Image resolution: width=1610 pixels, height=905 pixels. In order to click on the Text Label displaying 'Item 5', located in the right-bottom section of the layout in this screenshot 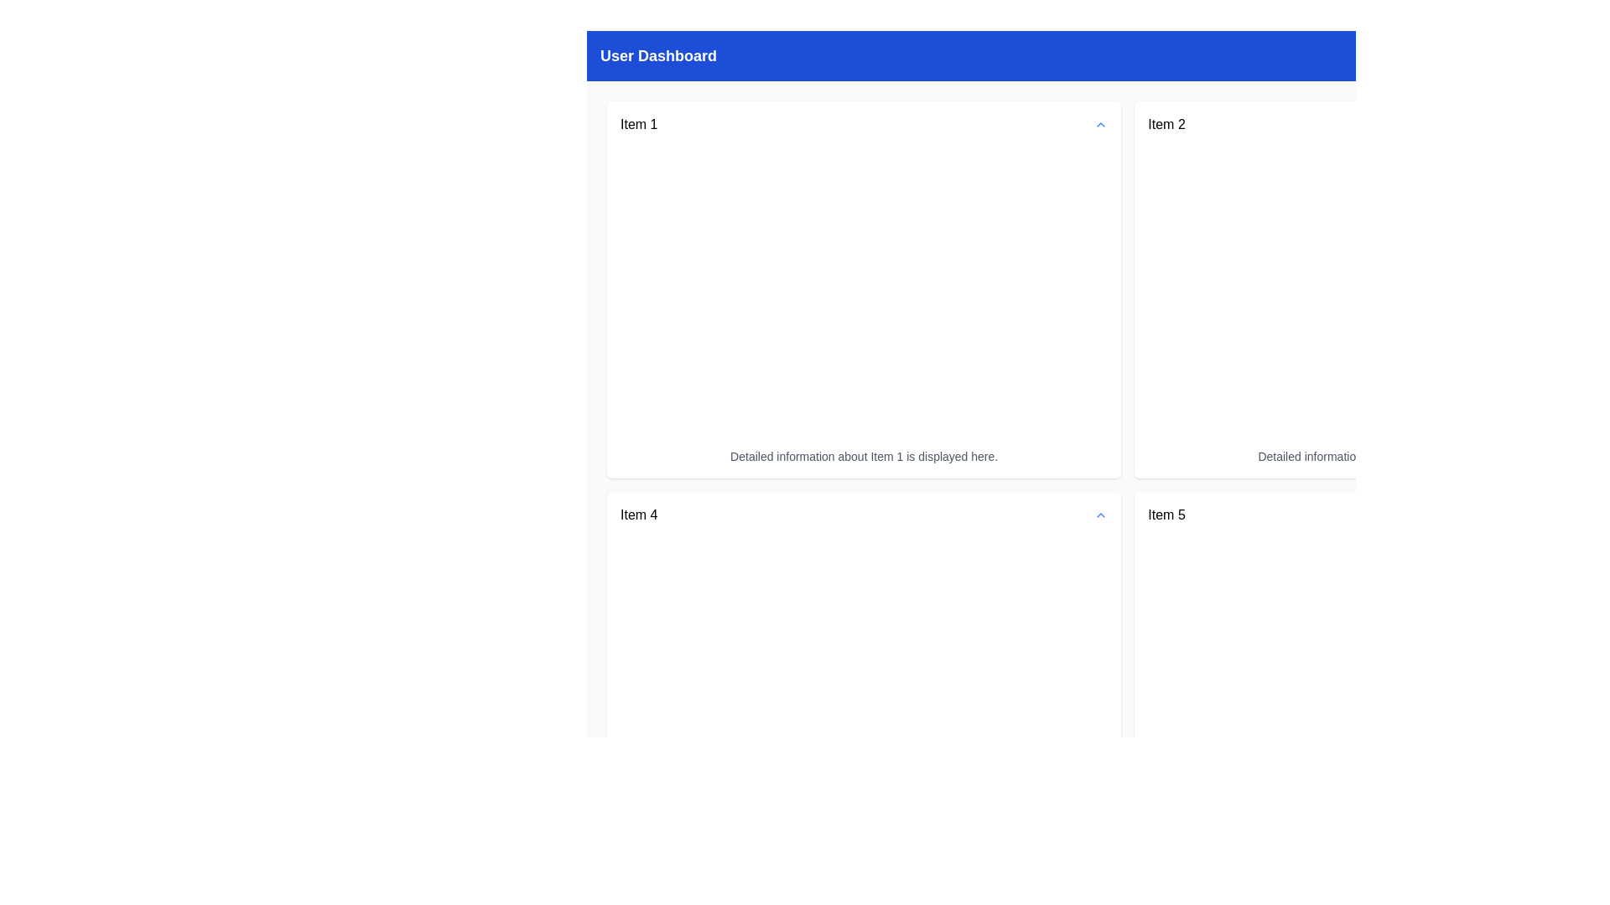, I will do `click(1166, 514)`.